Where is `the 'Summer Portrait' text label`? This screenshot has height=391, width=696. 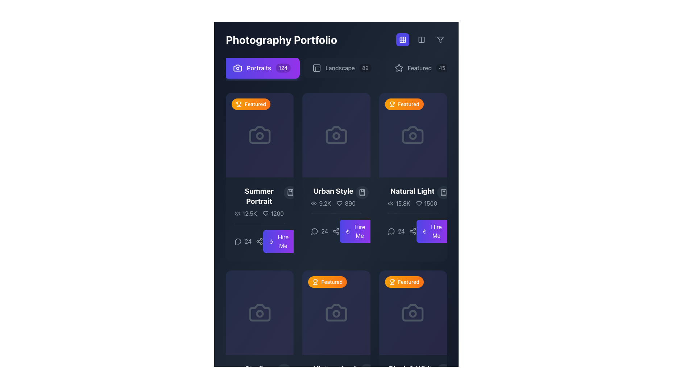 the 'Summer Portrait' text label is located at coordinates (259, 202).